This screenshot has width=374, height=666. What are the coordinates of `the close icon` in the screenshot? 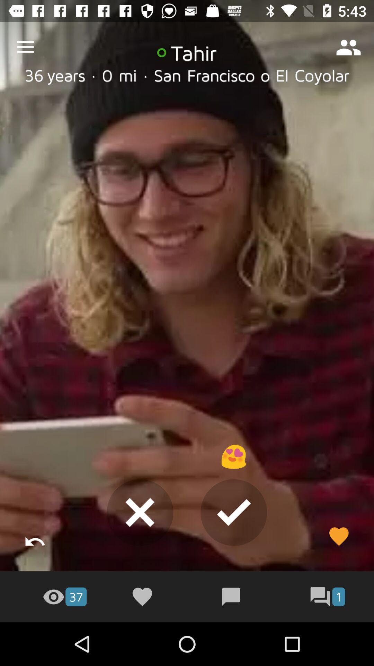 It's located at (140, 512).